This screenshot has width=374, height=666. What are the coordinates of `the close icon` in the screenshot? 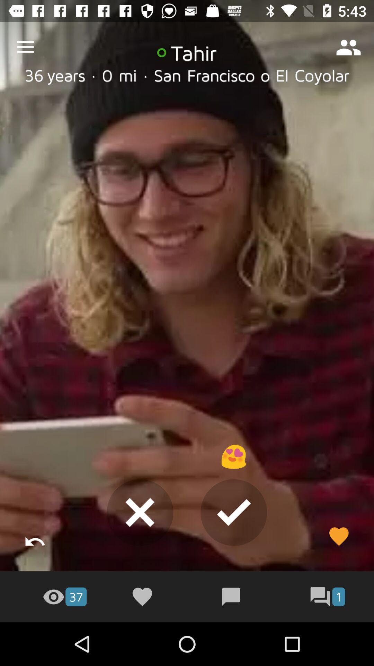 It's located at (140, 512).